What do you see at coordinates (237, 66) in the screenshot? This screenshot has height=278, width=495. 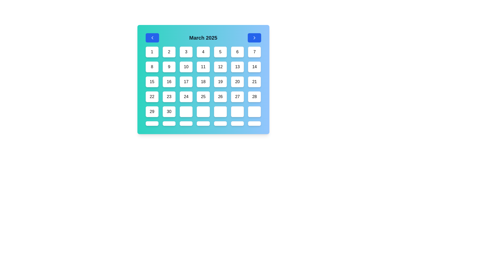 I see `the unselected Day Cell representing the 13th day in the calendar, located in the second row and sixth column of the grid layout` at bounding box center [237, 66].